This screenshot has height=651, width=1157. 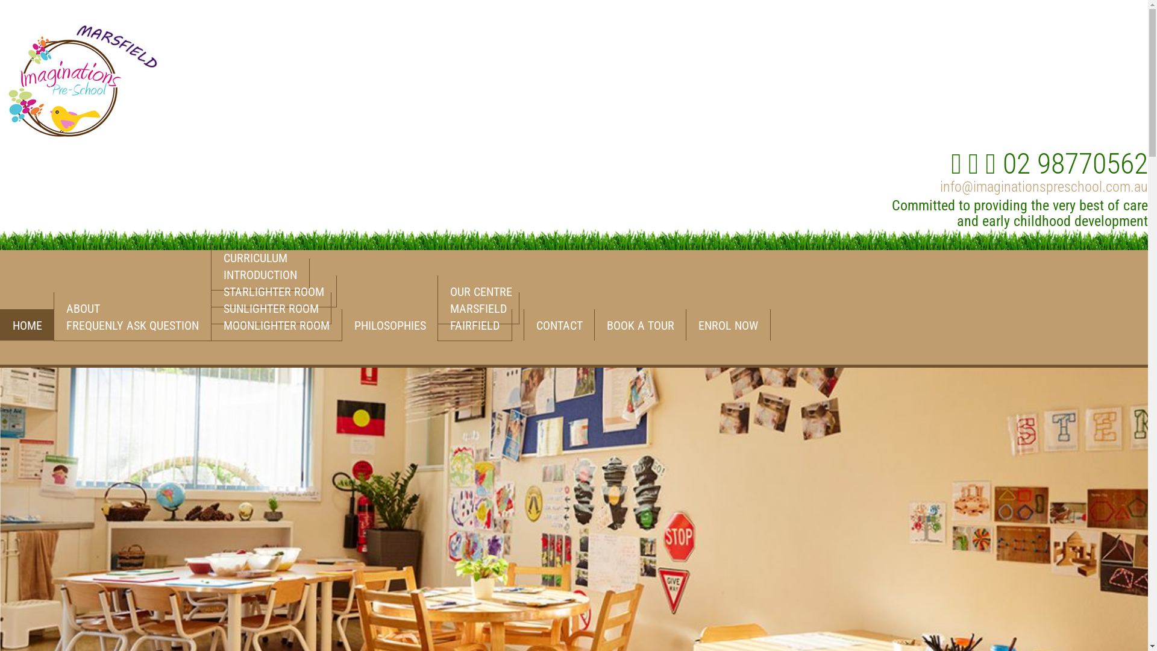 What do you see at coordinates (558, 324) in the screenshot?
I see `'CONTACT'` at bounding box center [558, 324].